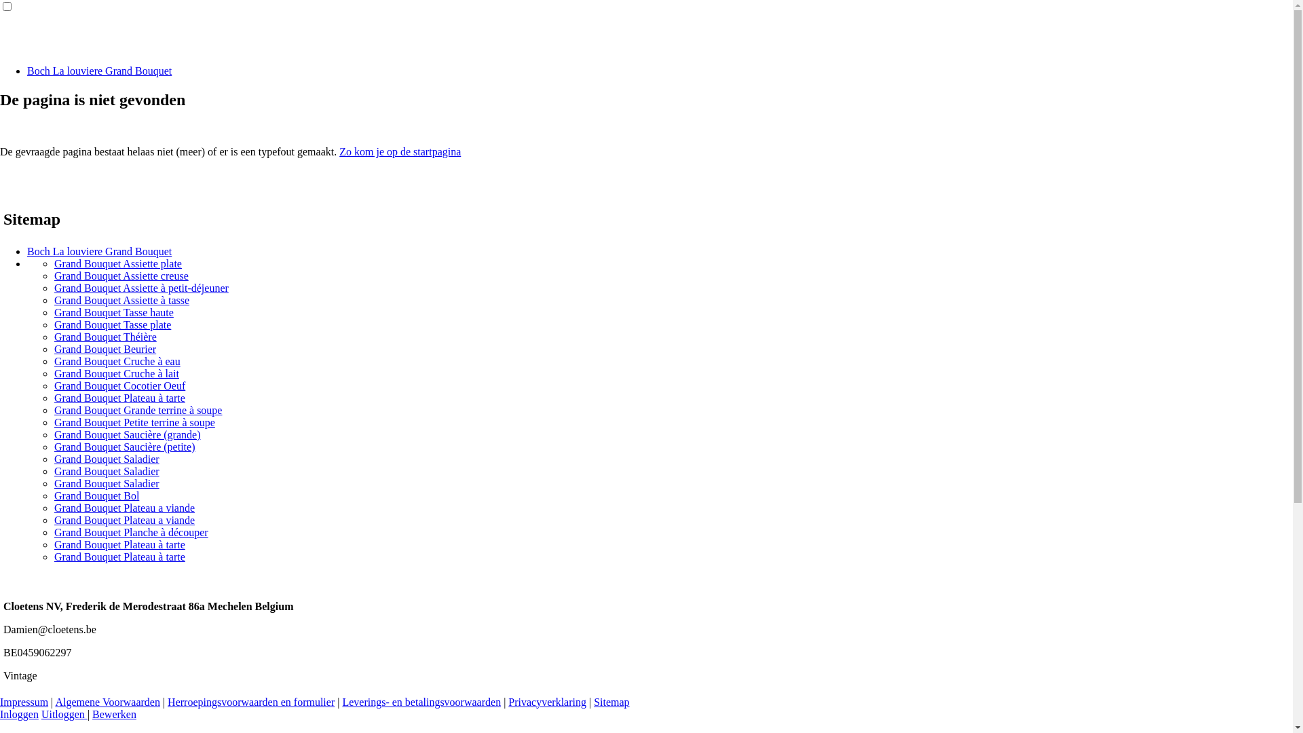 This screenshot has height=733, width=1303. What do you see at coordinates (54, 519) in the screenshot?
I see `'Grand Bouquet Plateau a viande'` at bounding box center [54, 519].